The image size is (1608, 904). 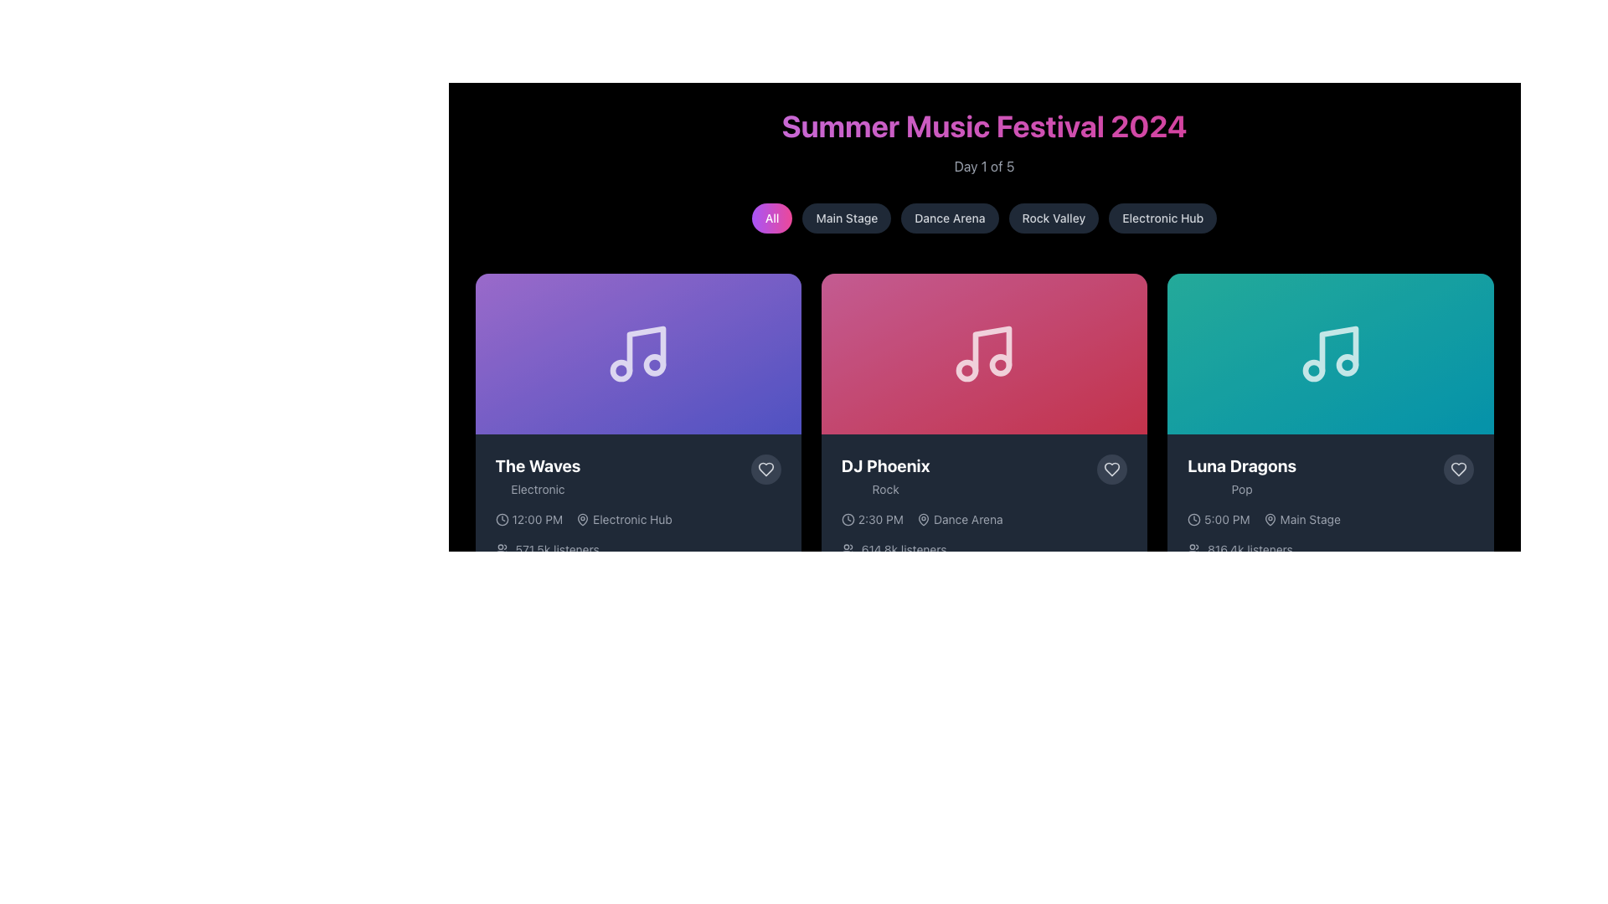 I want to click on the decorative icon component, which is a circle within a clock-like icon located in the lower right corner of the 'DJ Phoenix' event card, so click(x=1193, y=519).